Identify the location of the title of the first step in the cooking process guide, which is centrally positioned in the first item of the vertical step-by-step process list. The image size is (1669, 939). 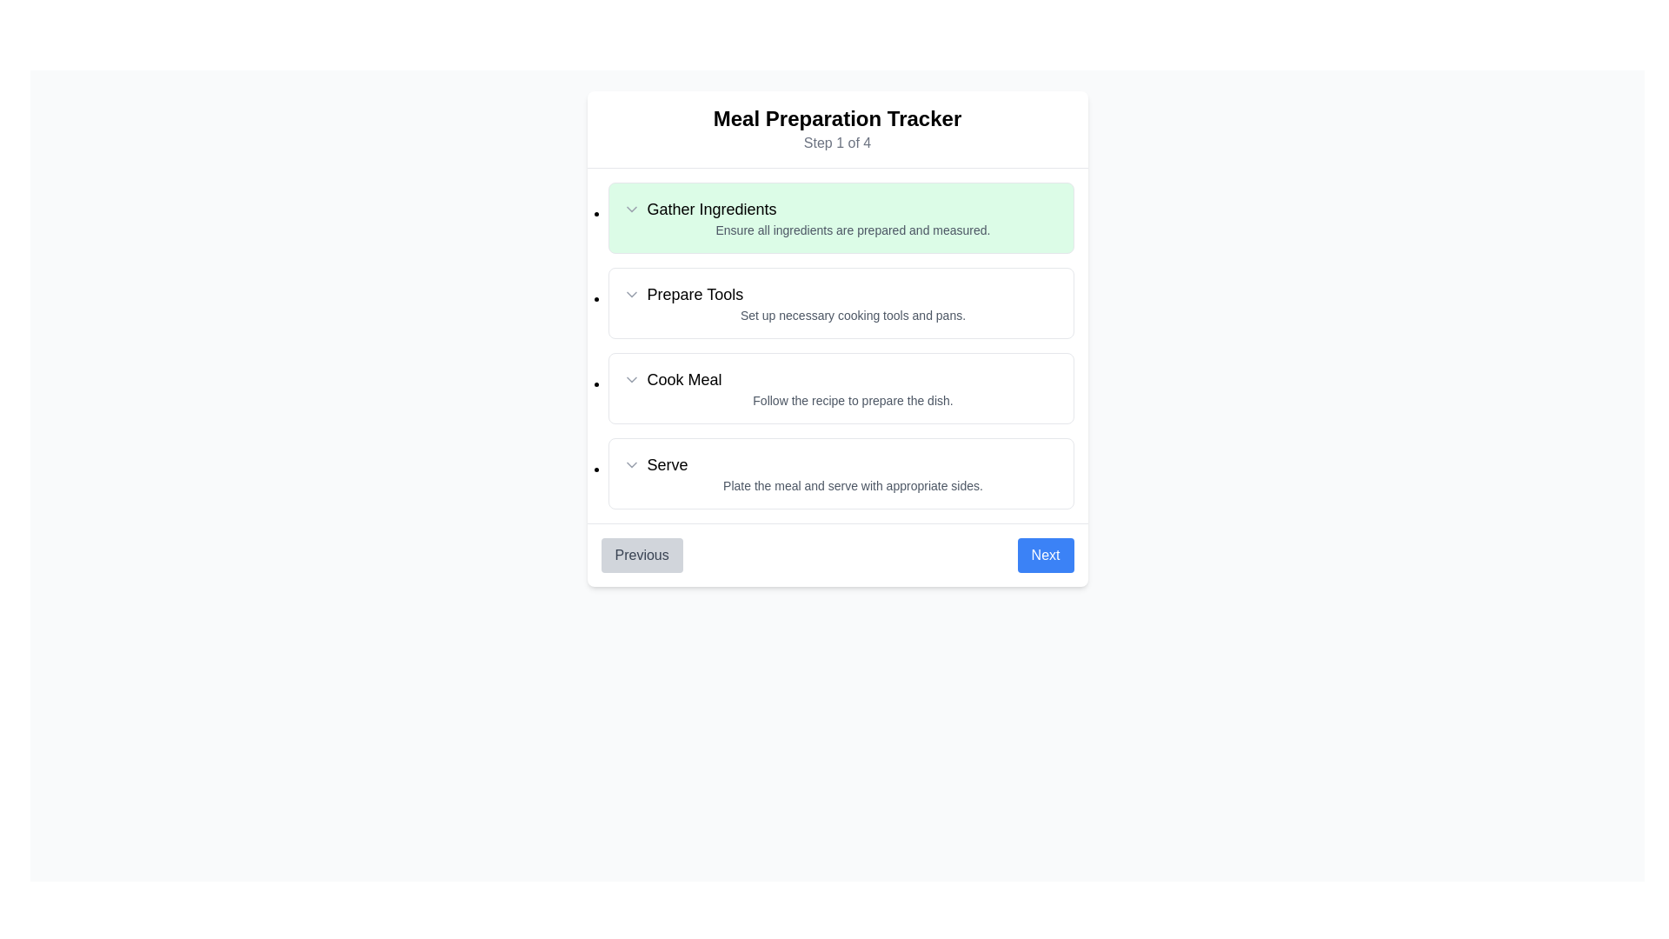
(712, 208).